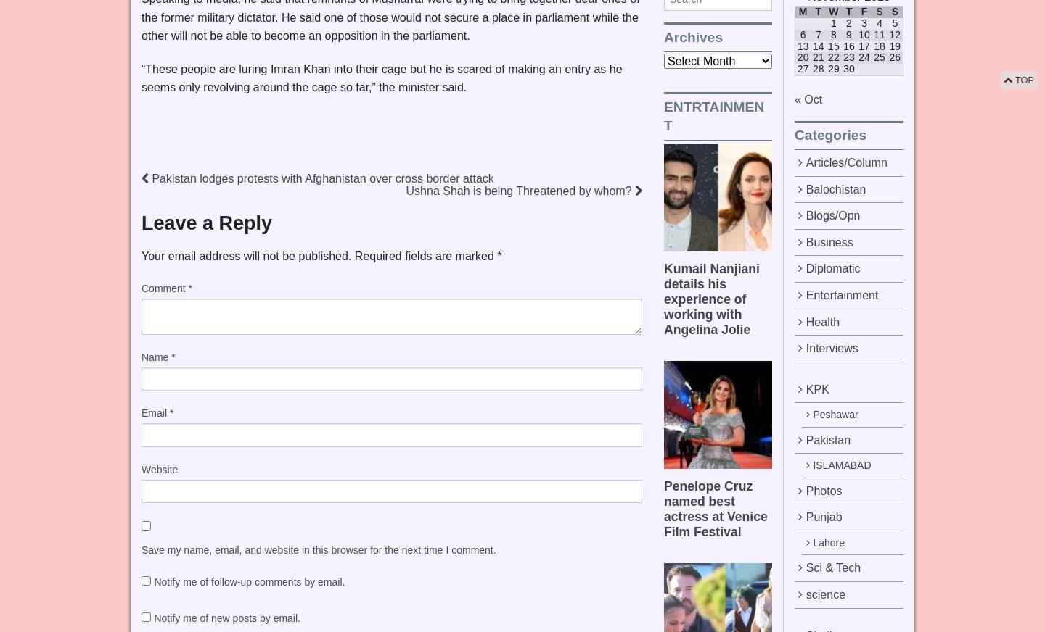  What do you see at coordinates (835, 415) in the screenshot?
I see `'Peshawar'` at bounding box center [835, 415].